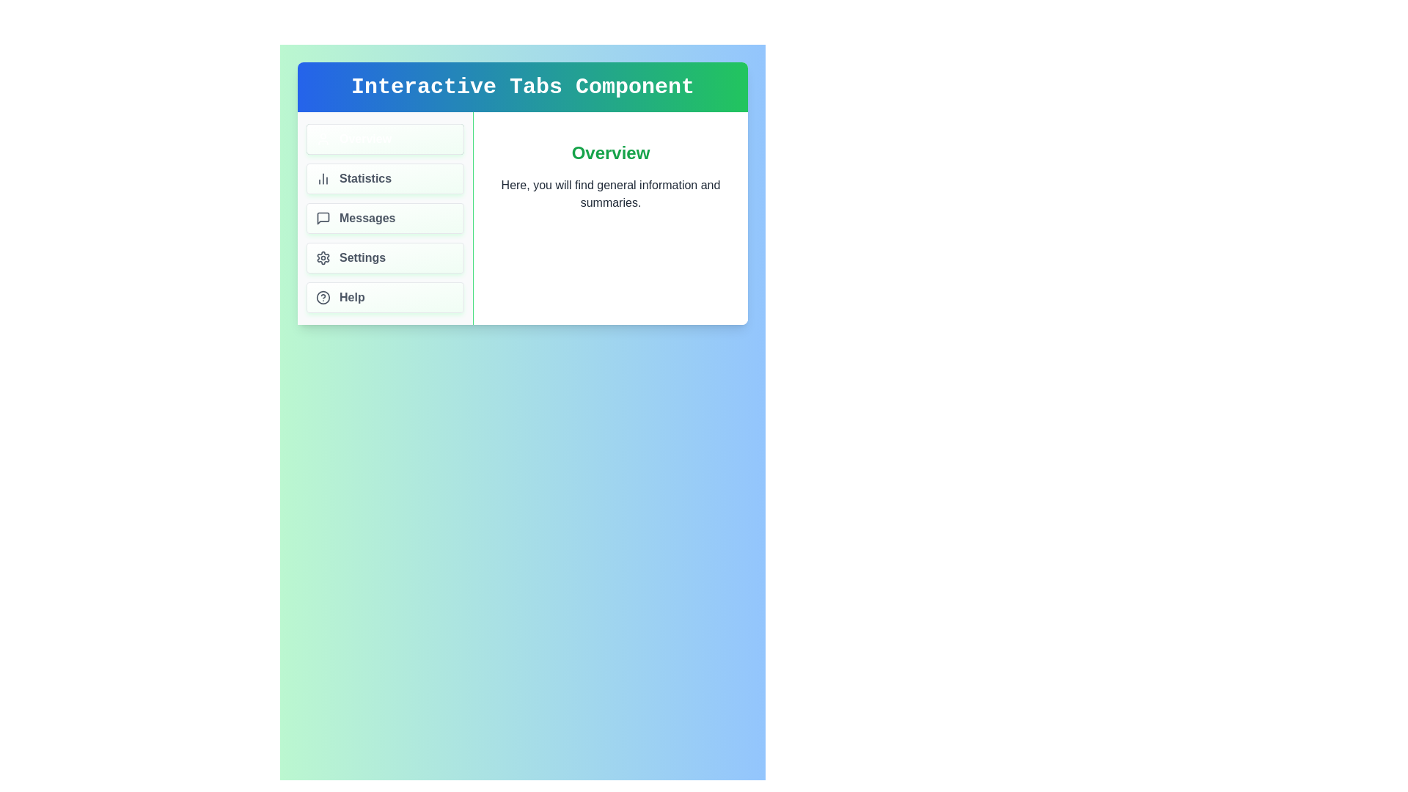  Describe the element at coordinates (385, 297) in the screenshot. I see `the tab labeled Help by clicking on its area` at that location.